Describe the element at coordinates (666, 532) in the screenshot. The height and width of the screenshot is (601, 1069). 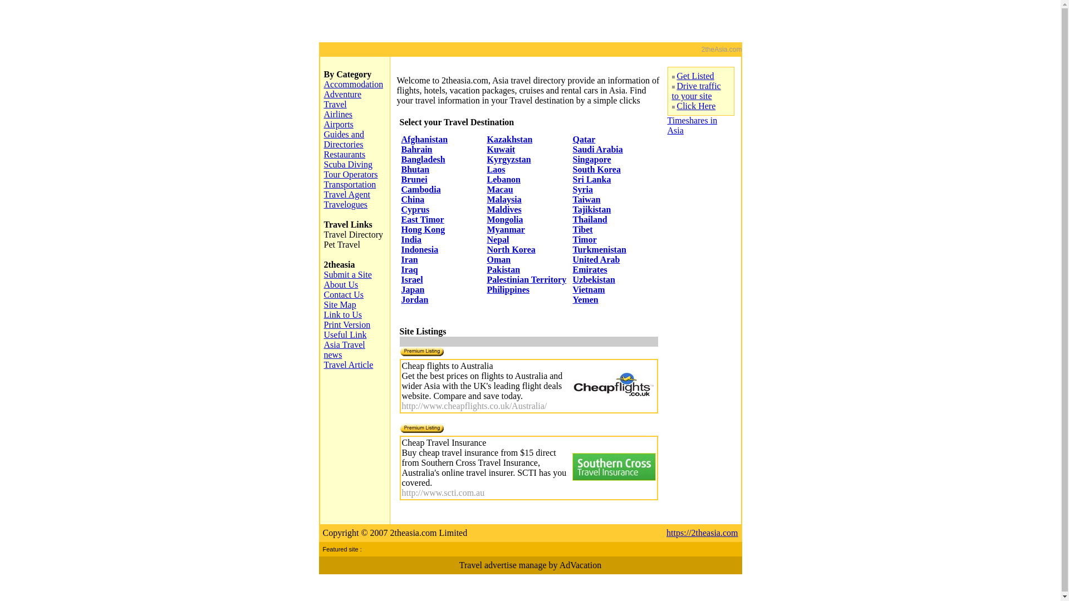
I see `'https://2theasia.com'` at that location.